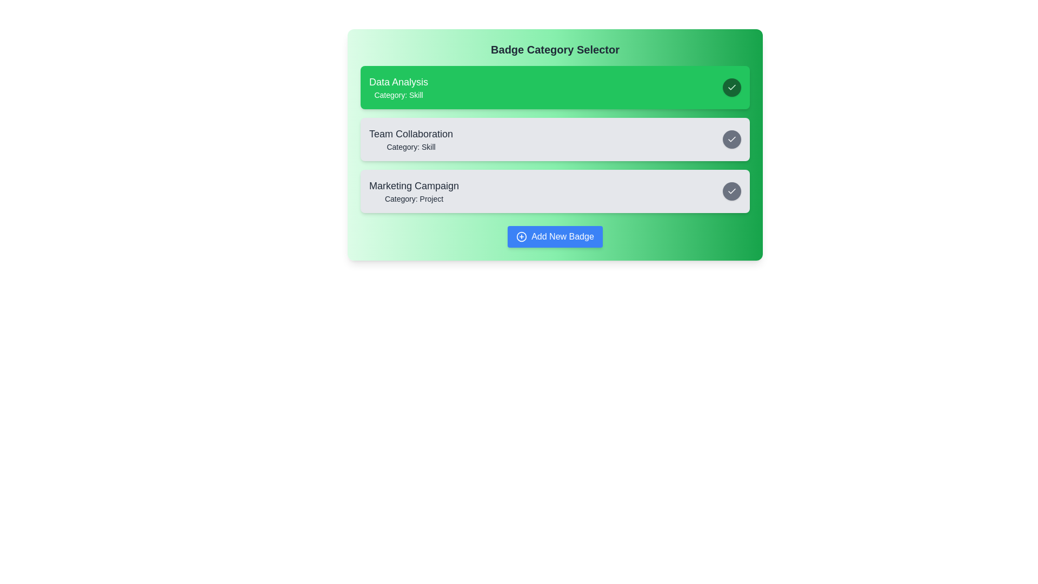 Image resolution: width=1038 pixels, height=584 pixels. What do you see at coordinates (731, 87) in the screenshot?
I see `the badge by clicking on the check icon associated with the badge labeled 'Data Analysis'` at bounding box center [731, 87].